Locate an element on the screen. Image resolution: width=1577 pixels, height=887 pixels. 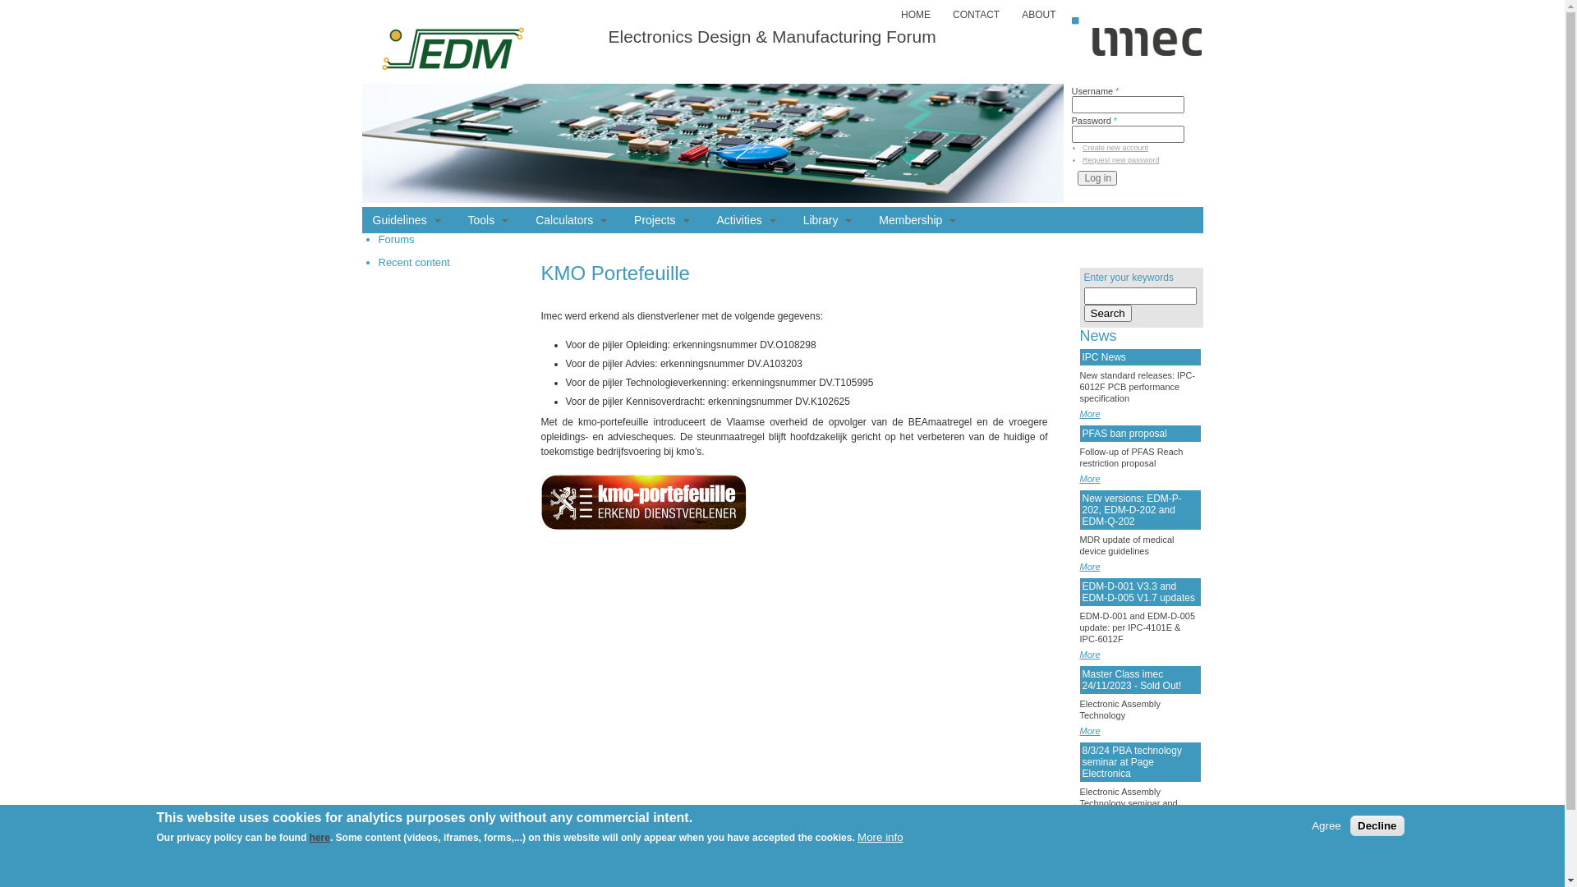
'HOME' is located at coordinates (914, 15).